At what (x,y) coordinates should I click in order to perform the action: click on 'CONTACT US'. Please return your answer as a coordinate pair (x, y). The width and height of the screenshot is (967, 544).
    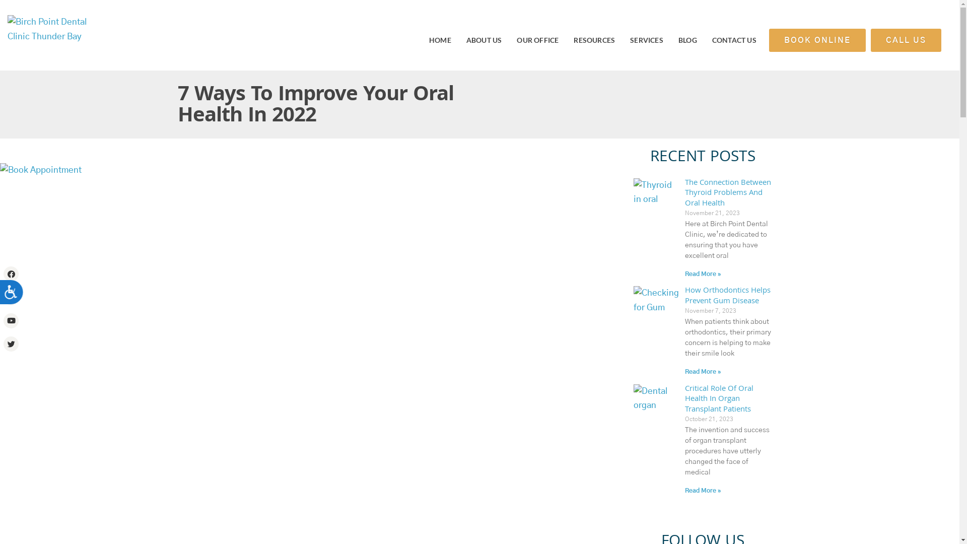
    Looking at the image, I should click on (734, 39).